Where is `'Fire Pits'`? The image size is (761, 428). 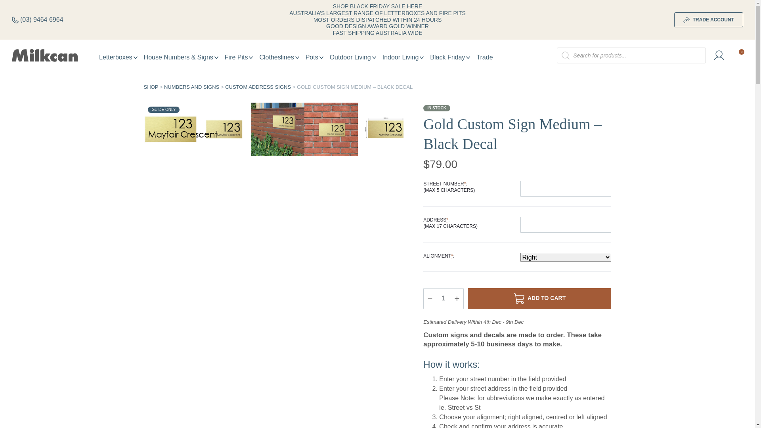
'Fire Pits' is located at coordinates (221, 57).